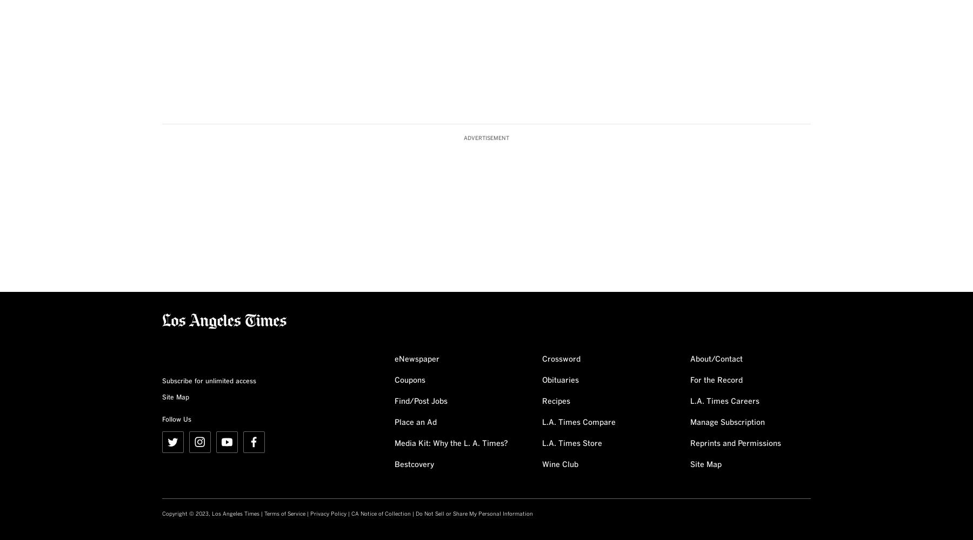 Image resolution: width=973 pixels, height=540 pixels. What do you see at coordinates (474, 514) in the screenshot?
I see `'Do Not Sell or Share My Personal Information'` at bounding box center [474, 514].